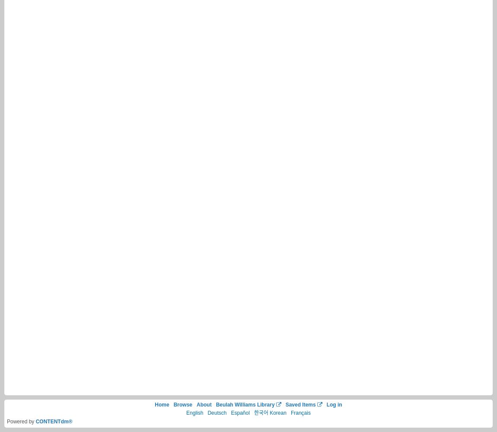 Image resolution: width=497 pixels, height=432 pixels. I want to click on '한국어 Korean', so click(269, 413).